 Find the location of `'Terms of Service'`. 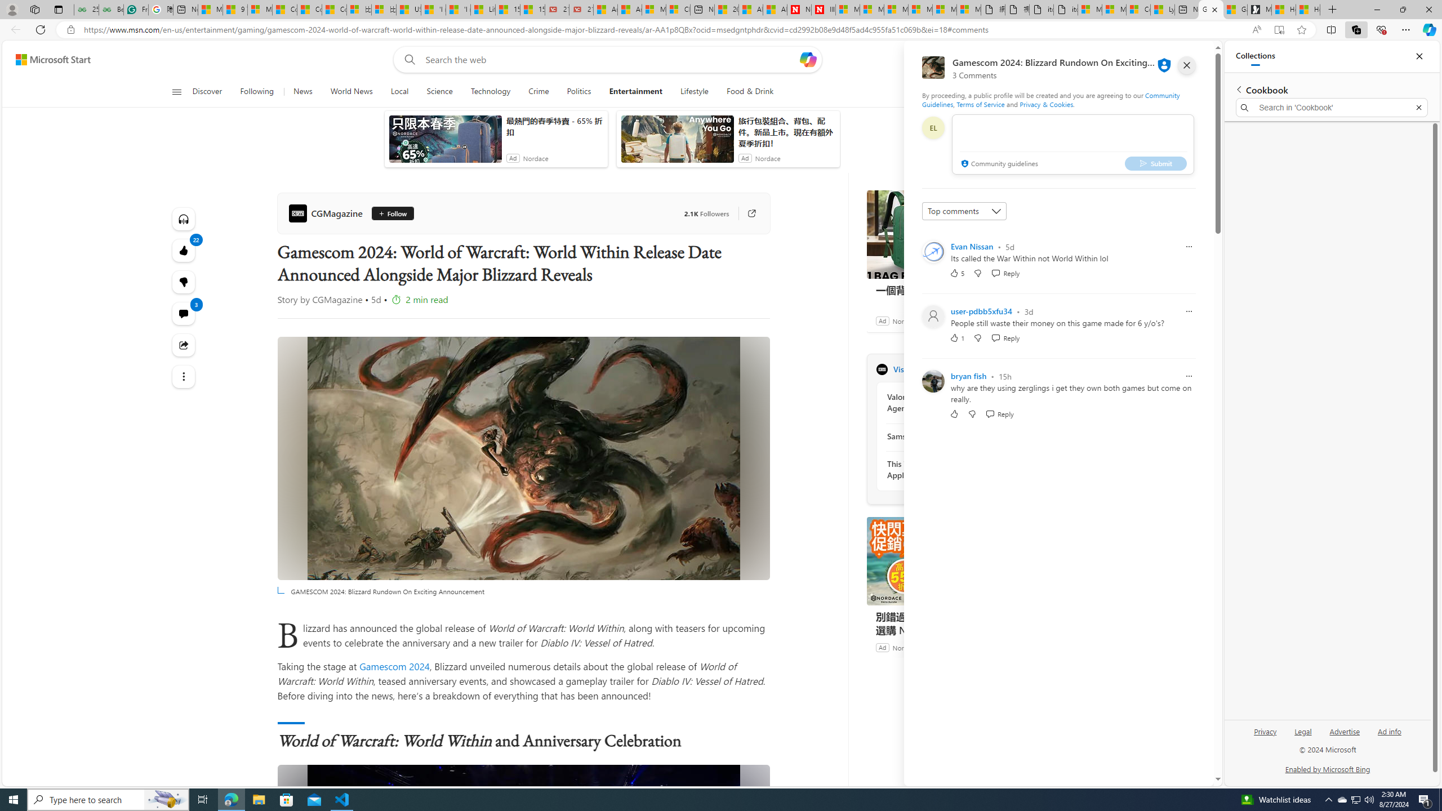

'Terms of Service' is located at coordinates (980, 104).